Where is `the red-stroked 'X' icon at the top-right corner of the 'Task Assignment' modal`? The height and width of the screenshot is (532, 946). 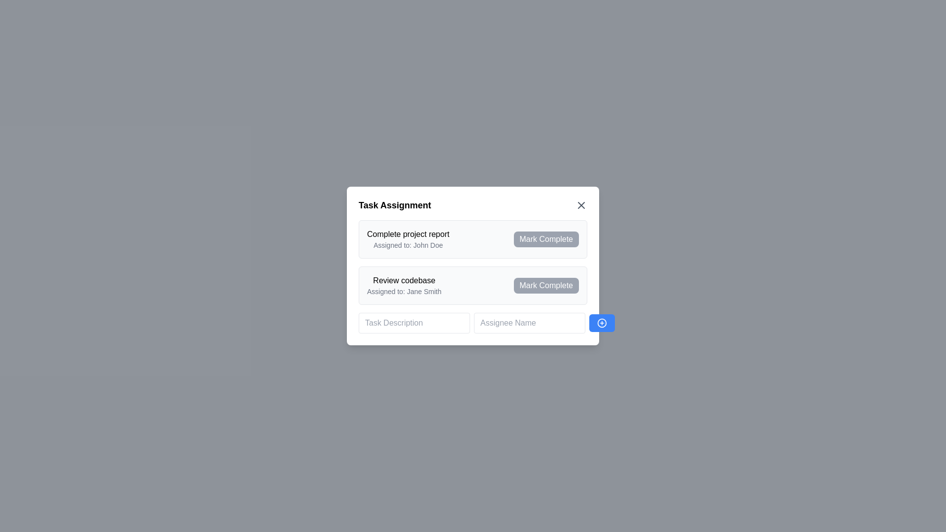
the red-stroked 'X' icon at the top-right corner of the 'Task Assignment' modal is located at coordinates (581, 204).